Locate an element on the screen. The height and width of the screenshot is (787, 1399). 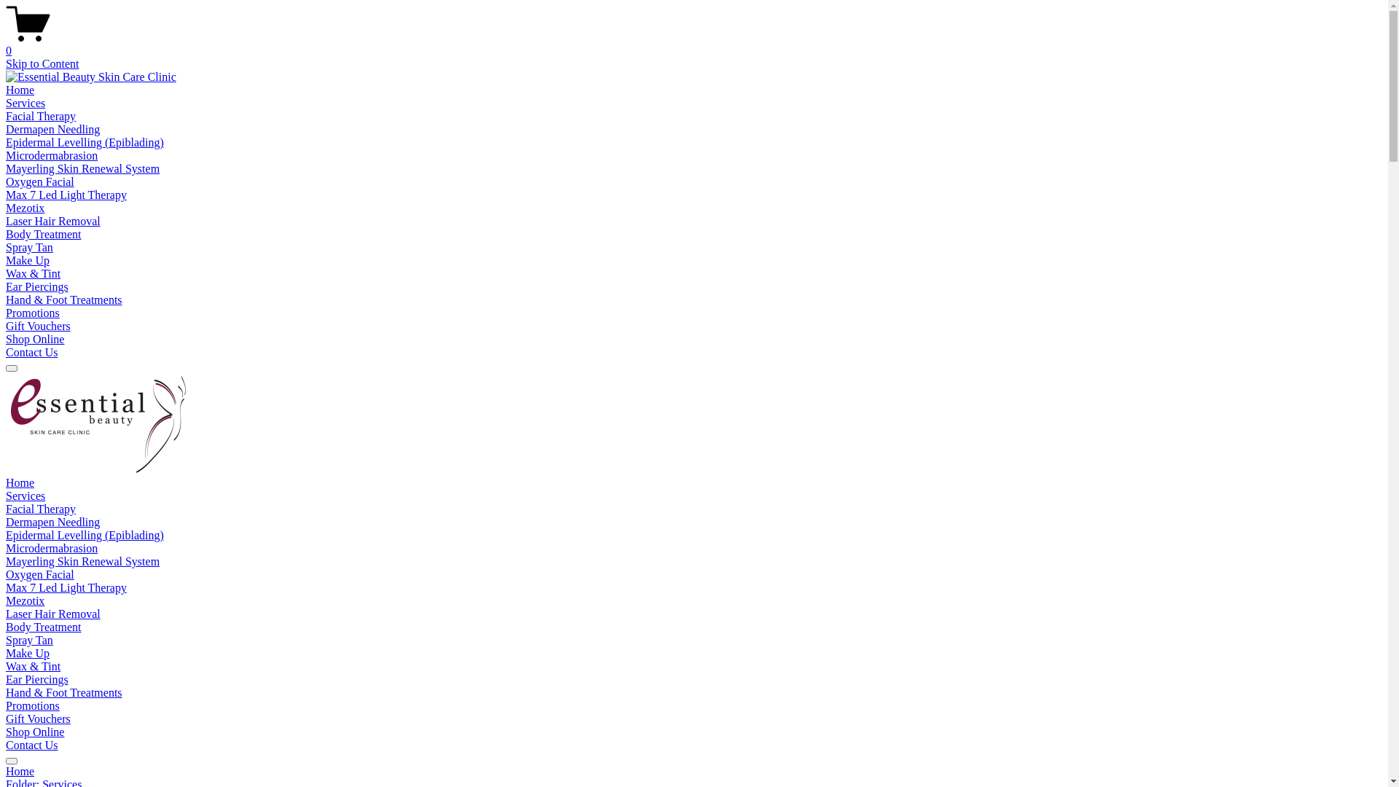
'Facial Therapy' is located at coordinates (41, 508).